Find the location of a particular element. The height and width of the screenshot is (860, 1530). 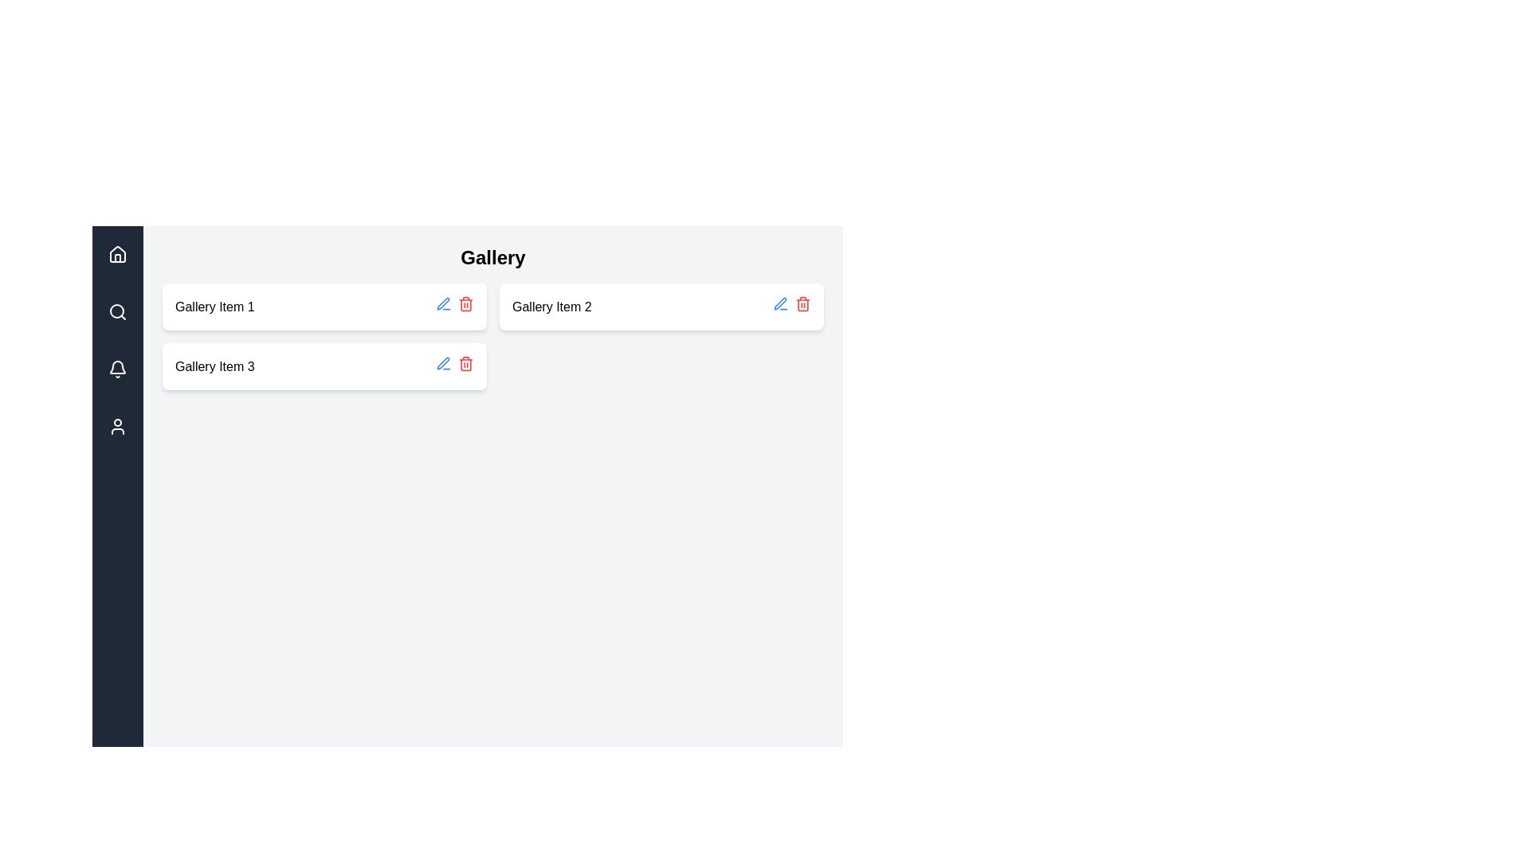

the text label that serves as a title for the gallery item in the upper-right section of the second card in a vertical list of three cards is located at coordinates (551, 307).